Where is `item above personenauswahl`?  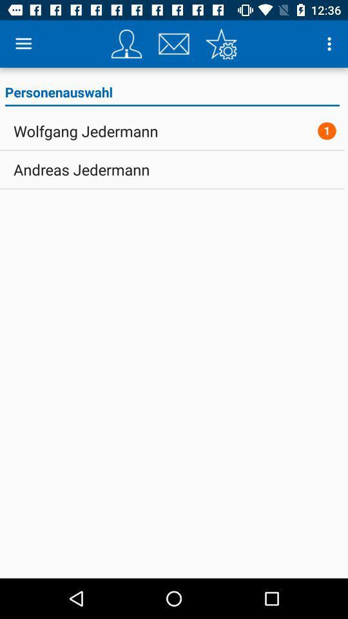
item above personenauswahl is located at coordinates (23, 44).